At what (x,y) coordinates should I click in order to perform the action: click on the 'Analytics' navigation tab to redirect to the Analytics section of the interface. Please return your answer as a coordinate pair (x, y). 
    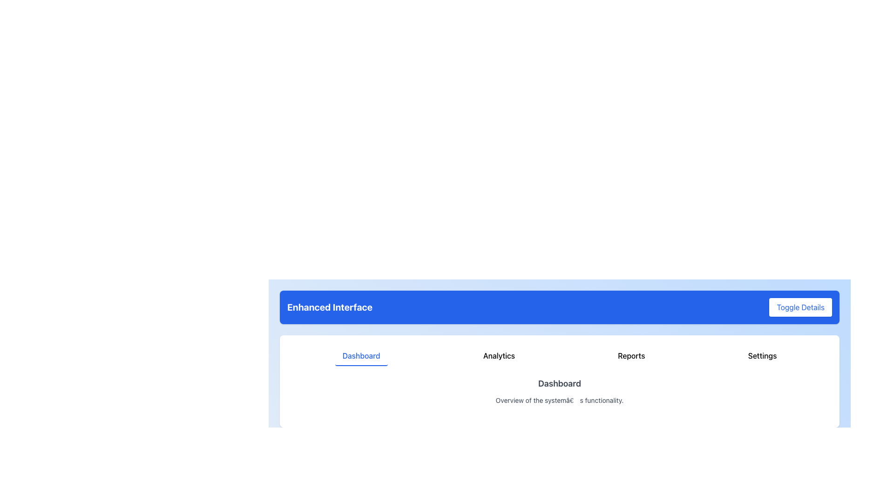
    Looking at the image, I should click on (498, 356).